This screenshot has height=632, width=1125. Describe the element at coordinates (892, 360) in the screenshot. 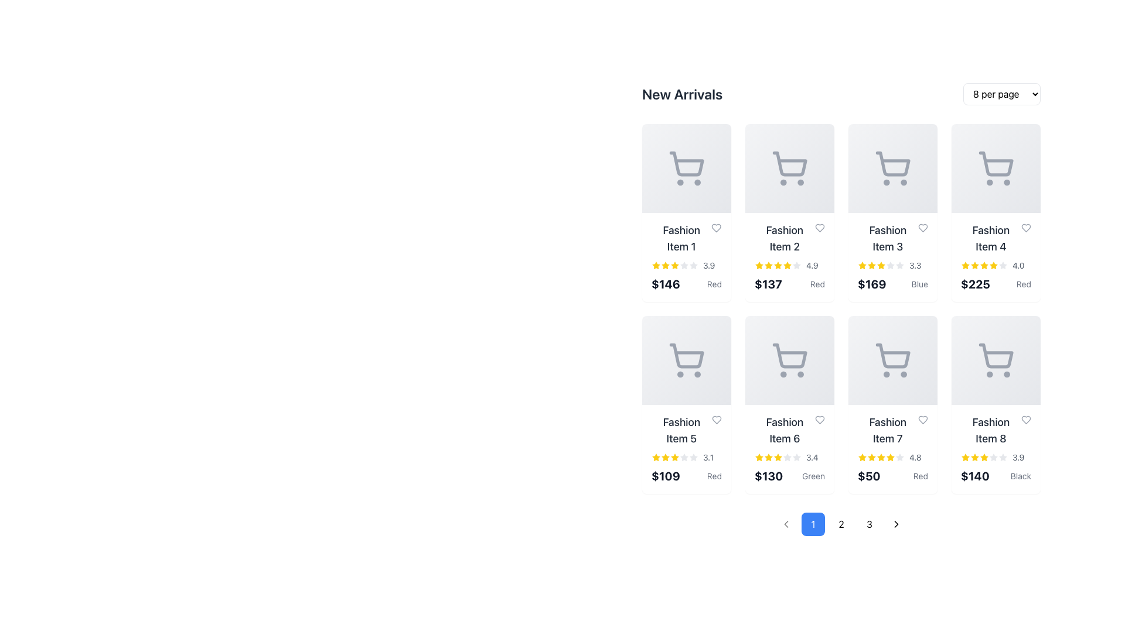

I see `the shopping cart icon, which is a gray outlined button located in the seventh panel of the grid layout, to trigger the highlighting effect` at that location.